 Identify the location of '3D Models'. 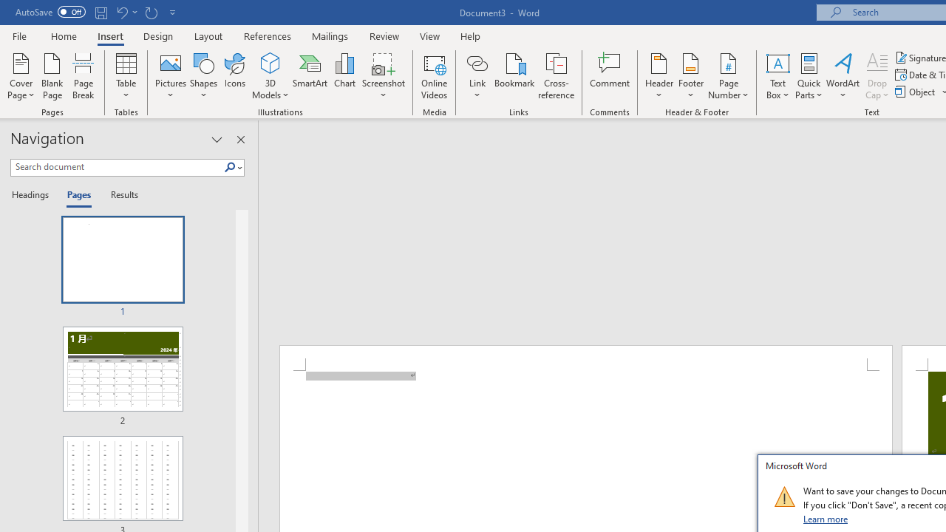
(270, 76).